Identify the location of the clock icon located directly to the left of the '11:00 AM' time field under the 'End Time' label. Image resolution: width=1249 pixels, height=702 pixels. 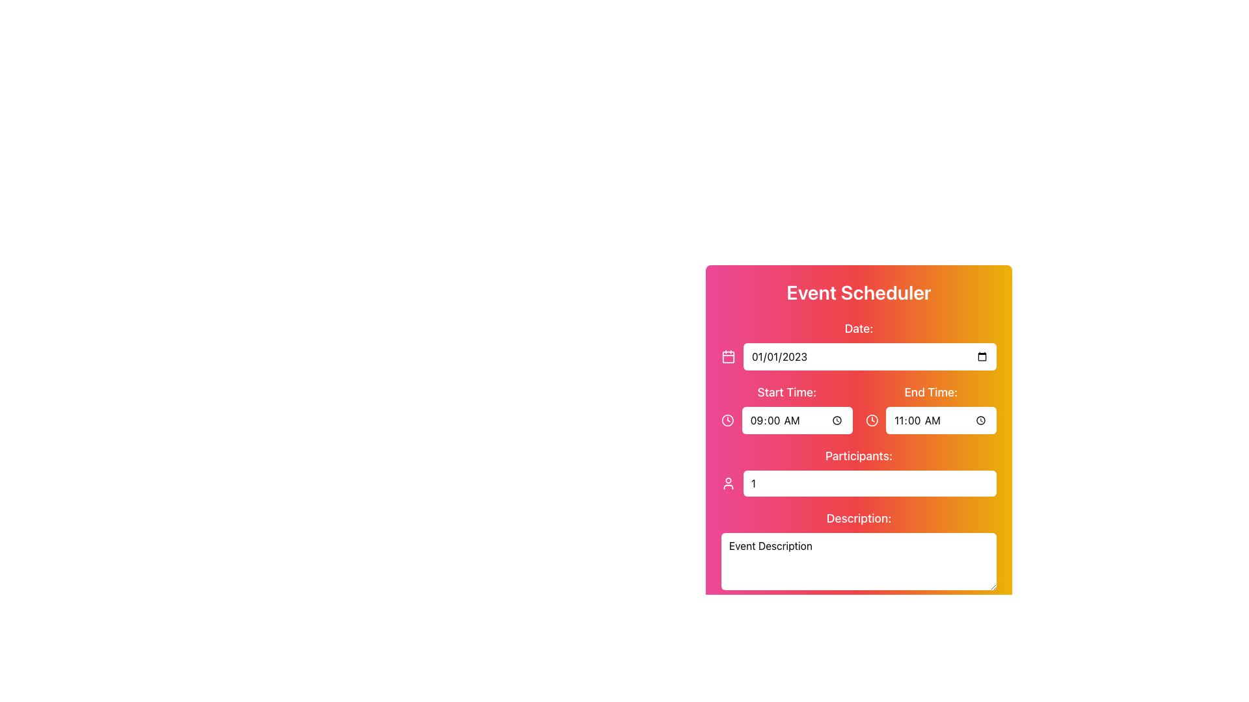
(872, 421).